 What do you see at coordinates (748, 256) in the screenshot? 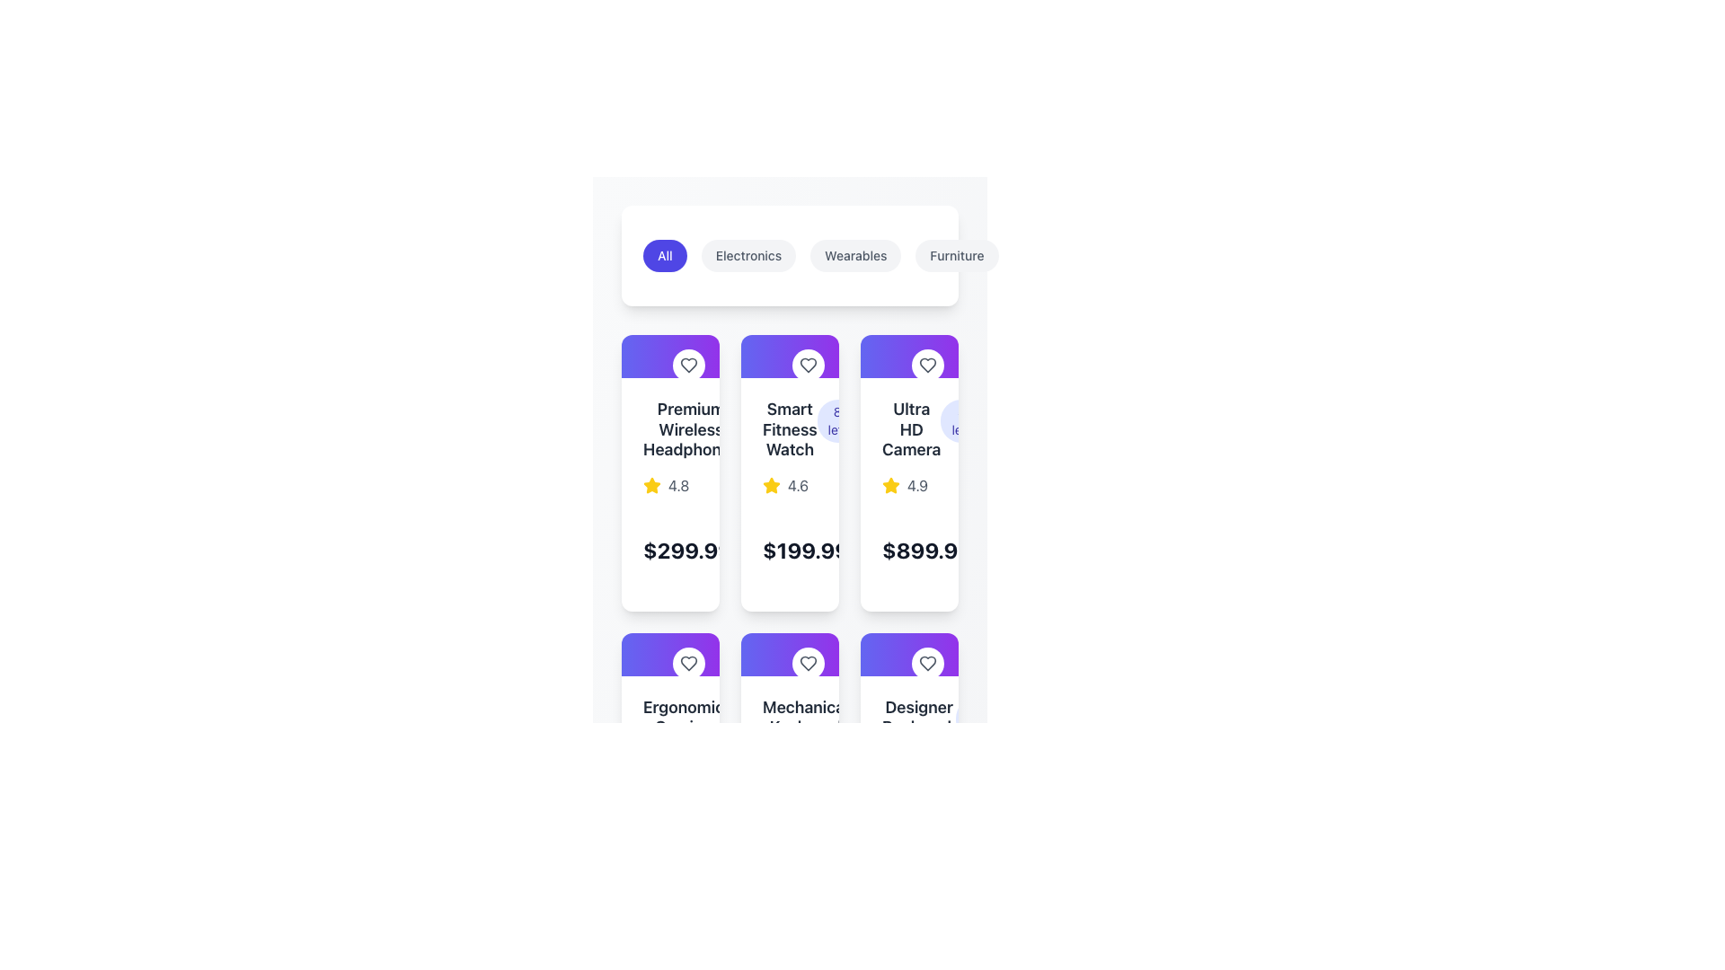
I see `the 'Electronics' button, which is styled with a light gray background and dark gray text` at bounding box center [748, 256].